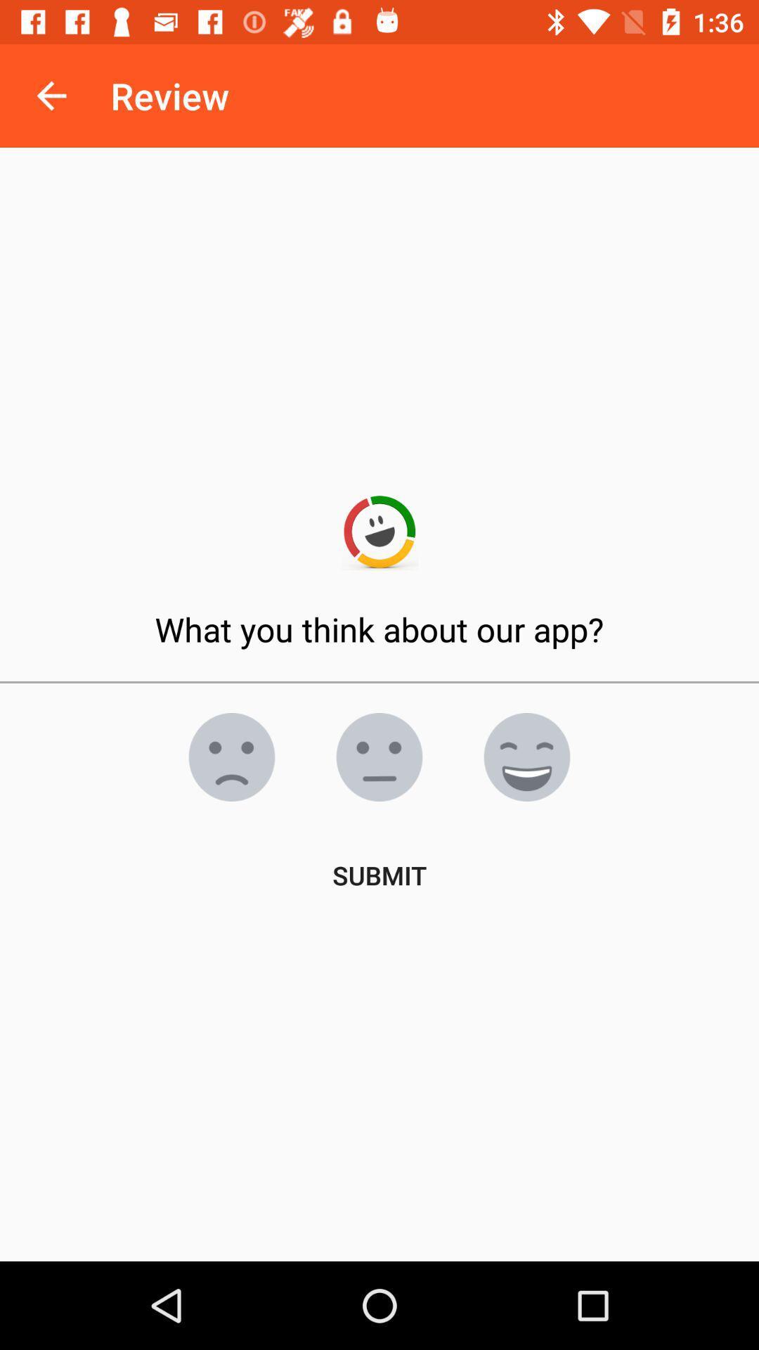  I want to click on the submit, so click(379, 874).